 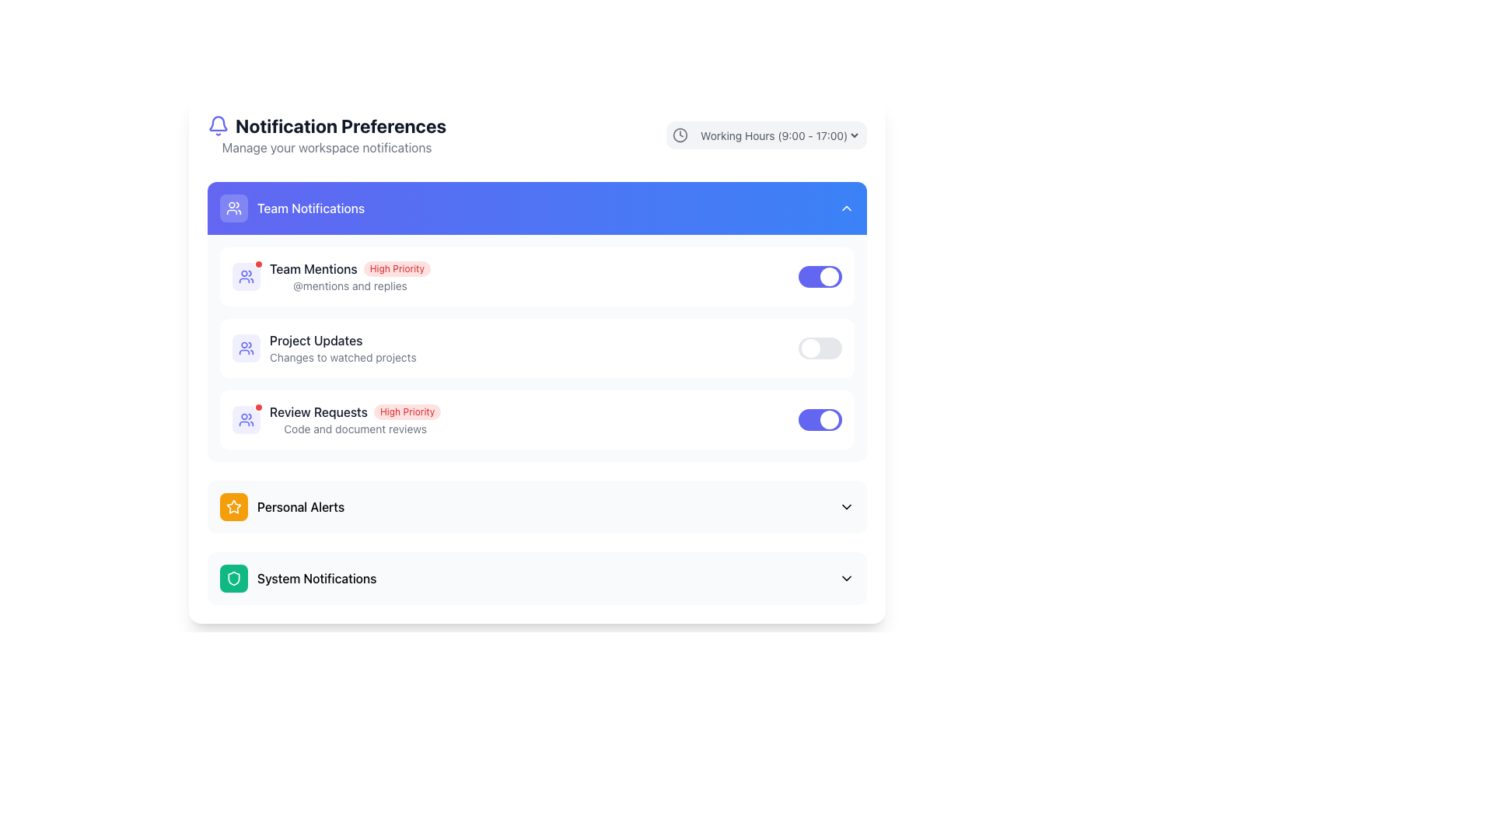 What do you see at coordinates (316, 579) in the screenshot?
I see `the 'System Notifications' text label` at bounding box center [316, 579].